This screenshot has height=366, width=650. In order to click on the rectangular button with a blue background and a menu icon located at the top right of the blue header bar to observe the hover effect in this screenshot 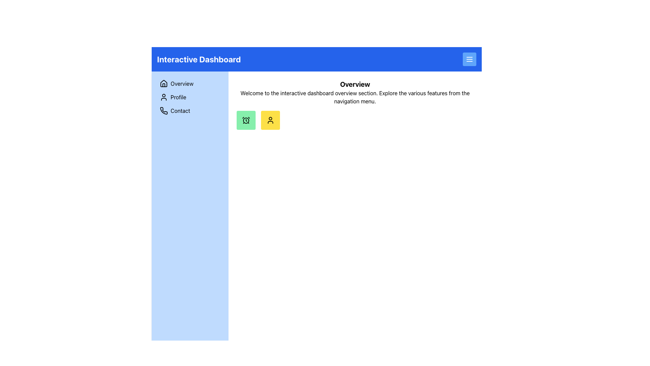, I will do `click(469, 59)`.